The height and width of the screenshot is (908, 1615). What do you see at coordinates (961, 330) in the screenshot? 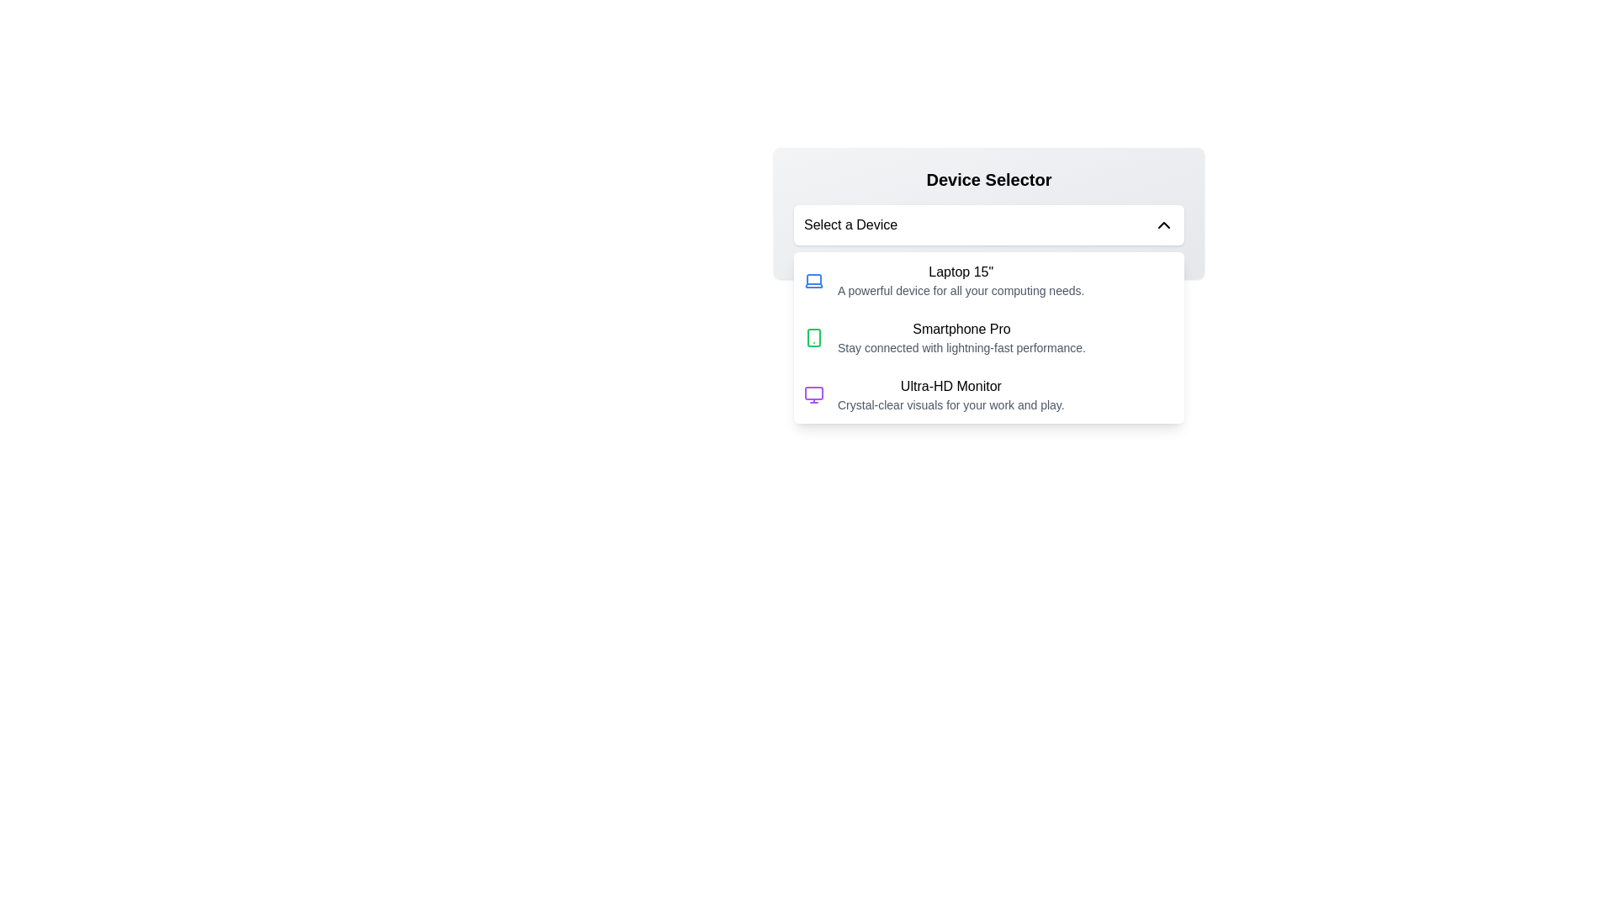
I see `text label indicating 'Smartphone Pro' which is the second item in the dropdown list under 'Device Selector'` at bounding box center [961, 330].